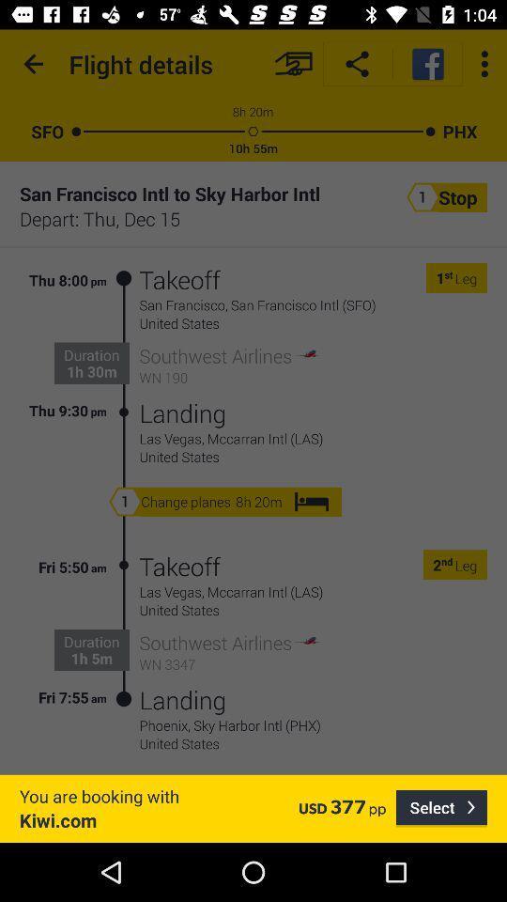 This screenshot has width=507, height=902. What do you see at coordinates (447, 277) in the screenshot?
I see `the item next to the leg item` at bounding box center [447, 277].